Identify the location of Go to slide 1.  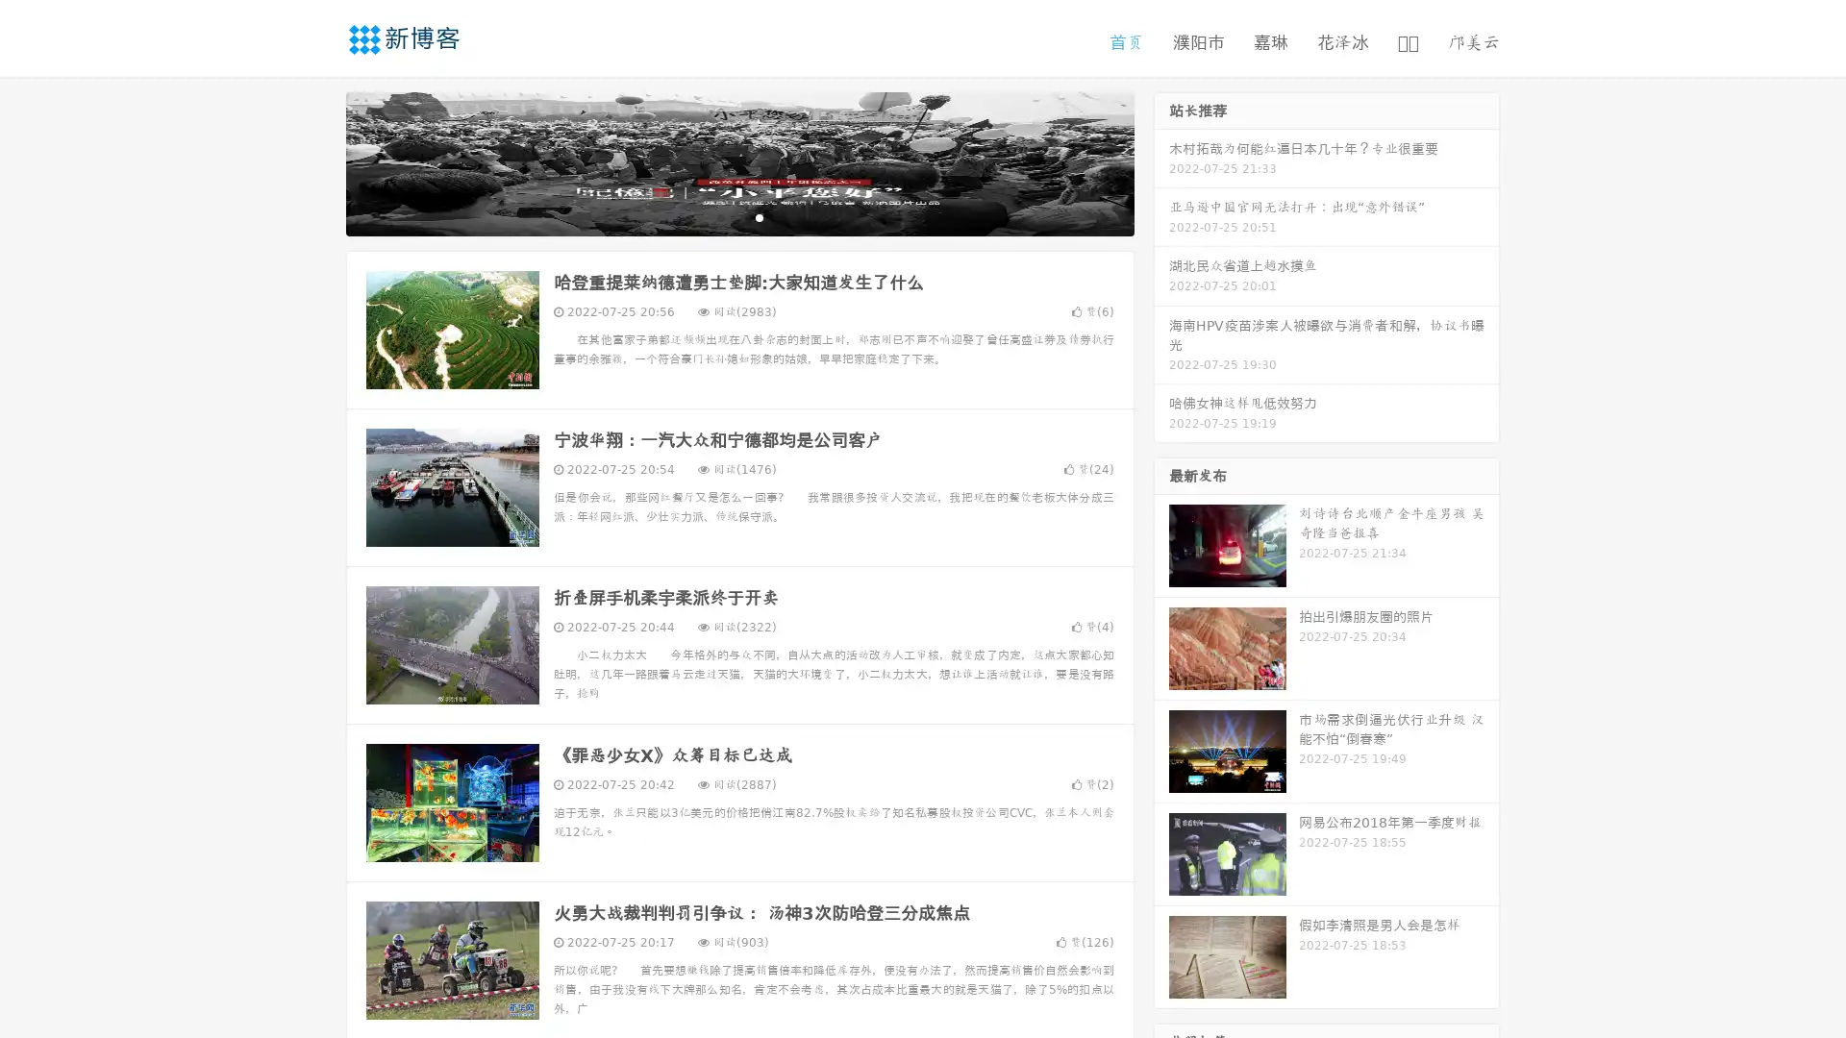
(719, 216).